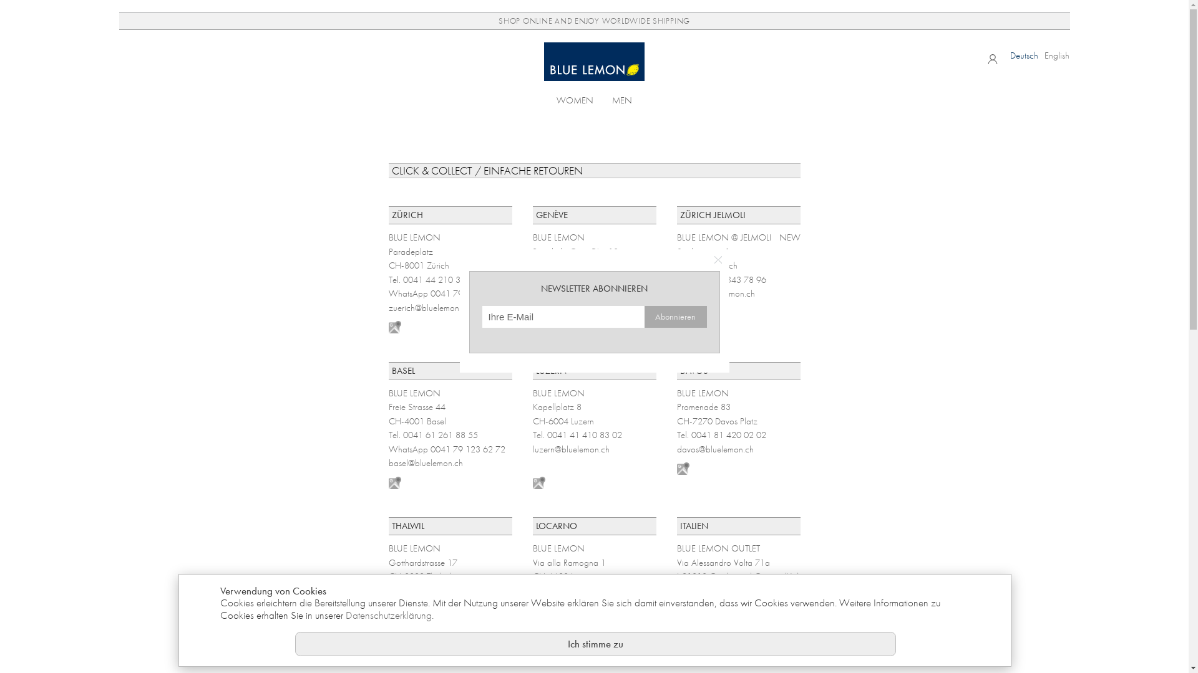  I want to click on 'thalwil@bluelemon.ch', so click(427, 603).